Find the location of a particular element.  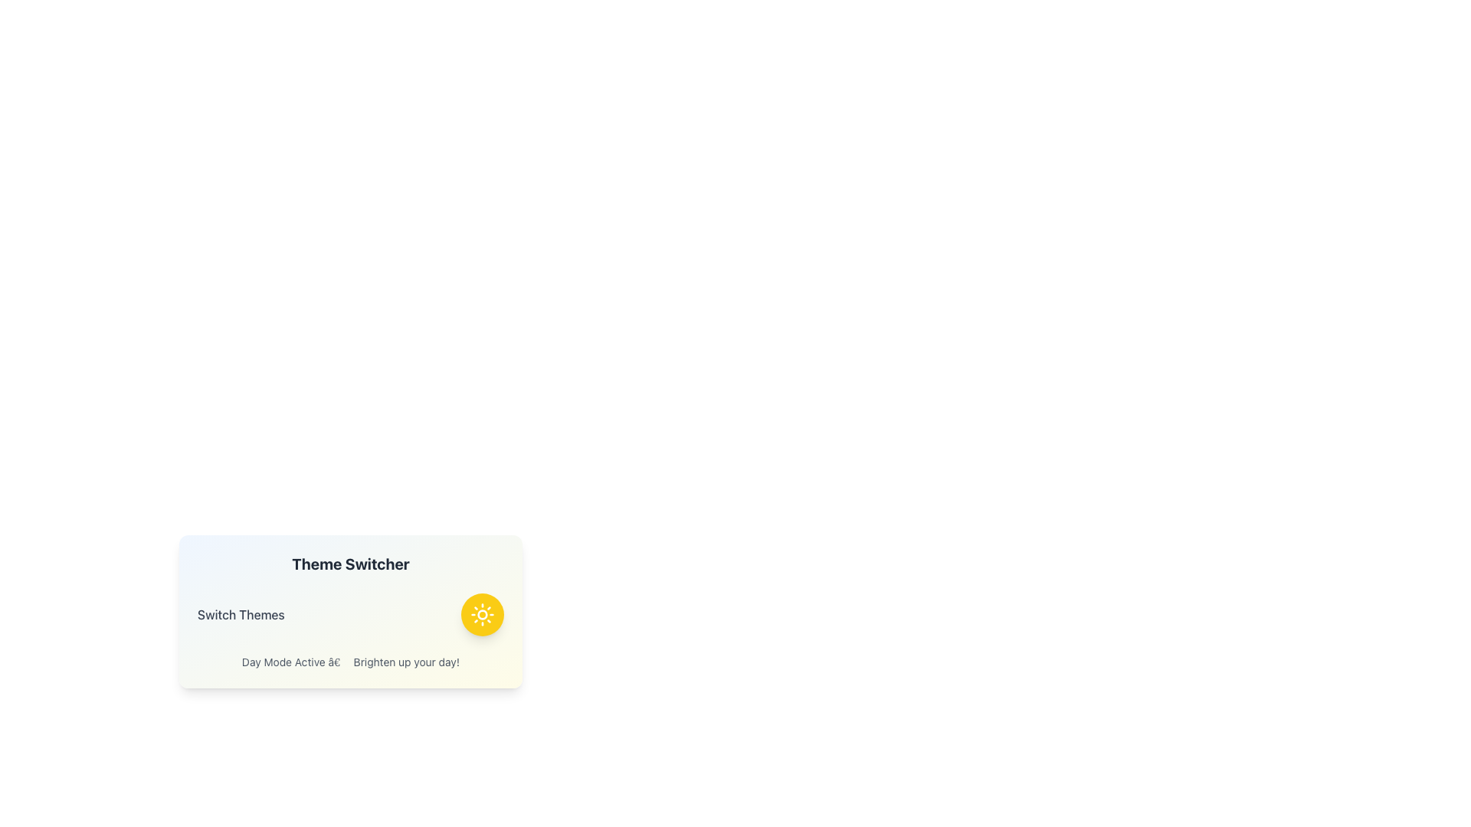

the sun icon within the 'Theme Switcher' card is located at coordinates (481, 613).